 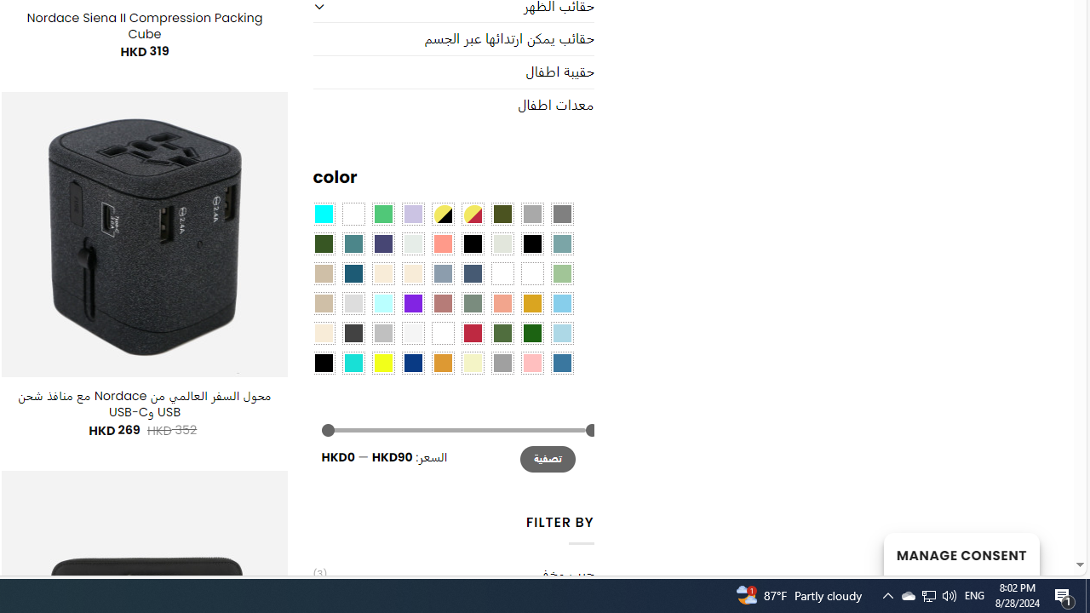 I want to click on 'Brownie', so click(x=324, y=272).